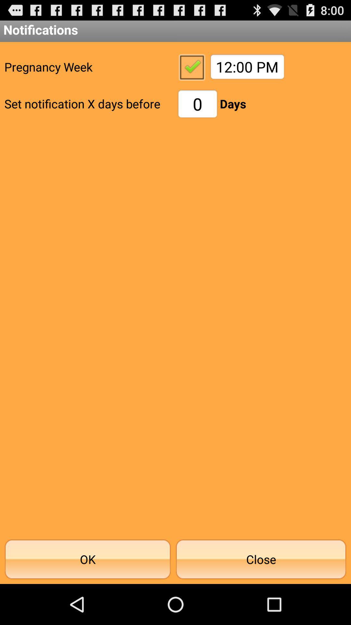 Image resolution: width=351 pixels, height=625 pixels. Describe the element at coordinates (261, 559) in the screenshot. I see `close` at that location.